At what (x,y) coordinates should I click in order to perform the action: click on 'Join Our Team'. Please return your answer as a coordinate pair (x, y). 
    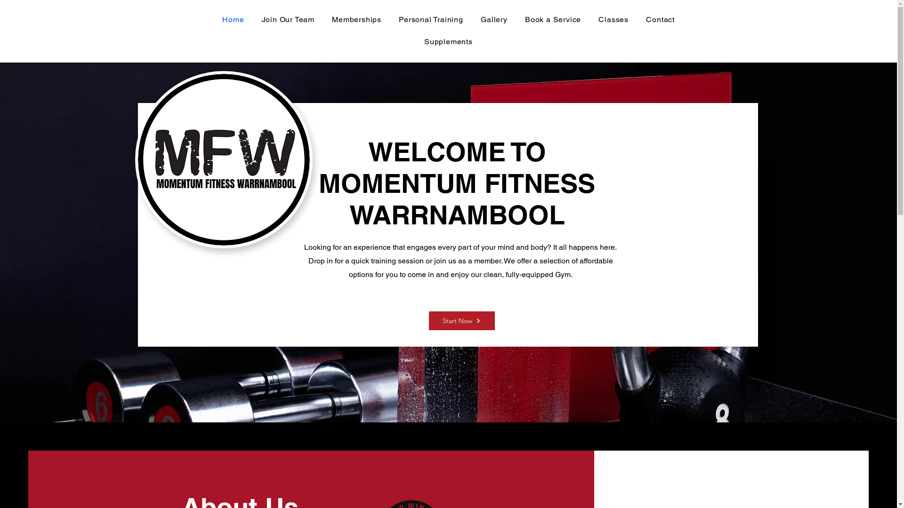
    Looking at the image, I should click on (287, 19).